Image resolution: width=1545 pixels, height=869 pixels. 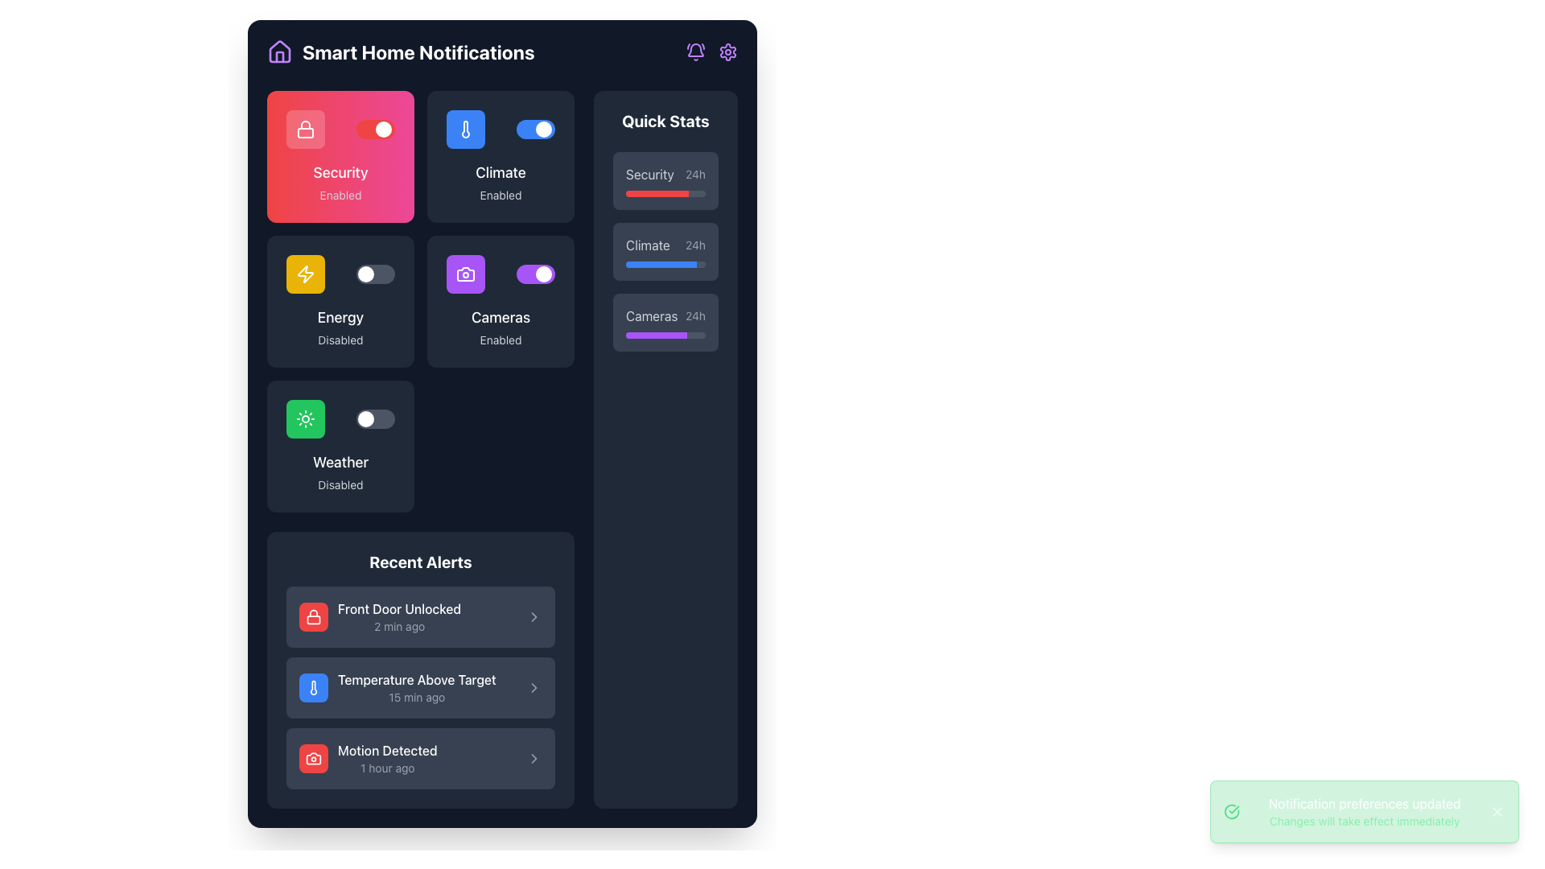 I want to click on security activity level, so click(x=630, y=192).